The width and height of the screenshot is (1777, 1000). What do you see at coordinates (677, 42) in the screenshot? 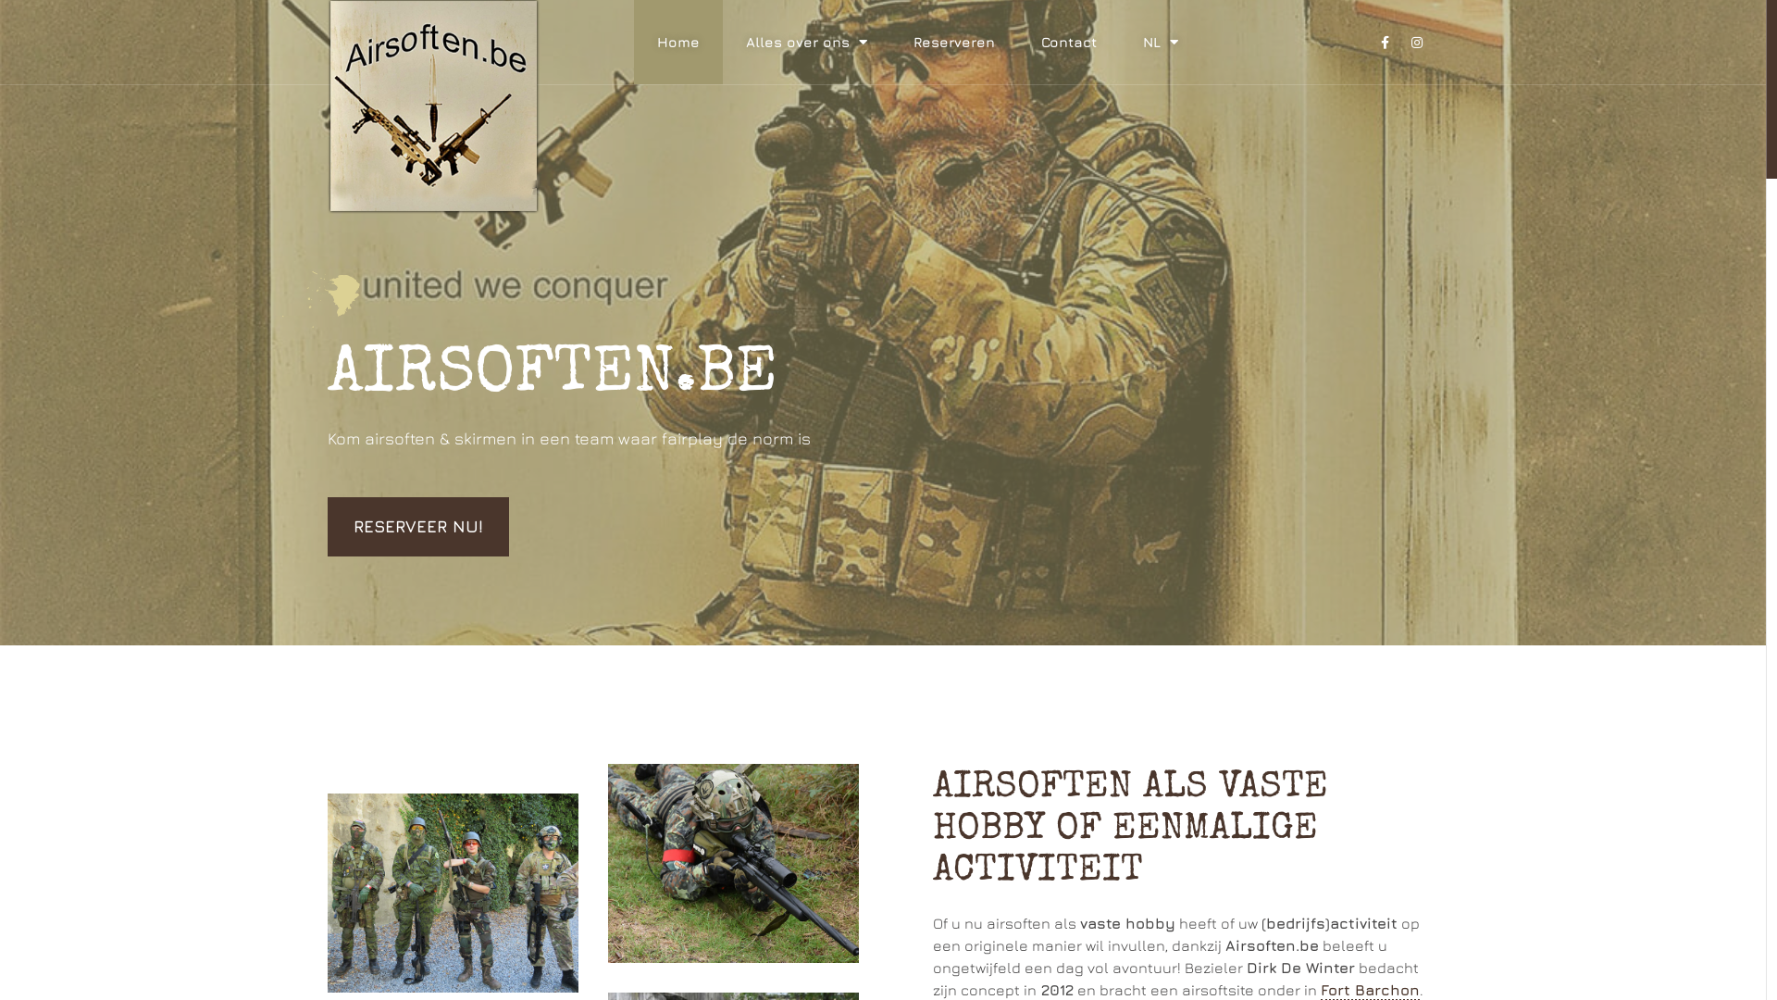
I see `'Home'` at bounding box center [677, 42].